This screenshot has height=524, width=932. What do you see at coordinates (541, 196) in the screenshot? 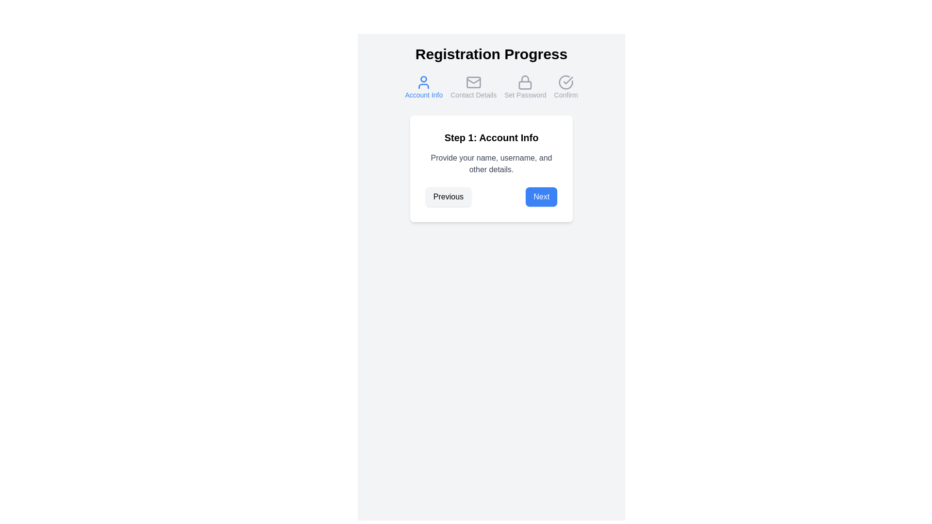
I see `the 'Next' button with a blue background and white text to proceed to the next step` at bounding box center [541, 196].